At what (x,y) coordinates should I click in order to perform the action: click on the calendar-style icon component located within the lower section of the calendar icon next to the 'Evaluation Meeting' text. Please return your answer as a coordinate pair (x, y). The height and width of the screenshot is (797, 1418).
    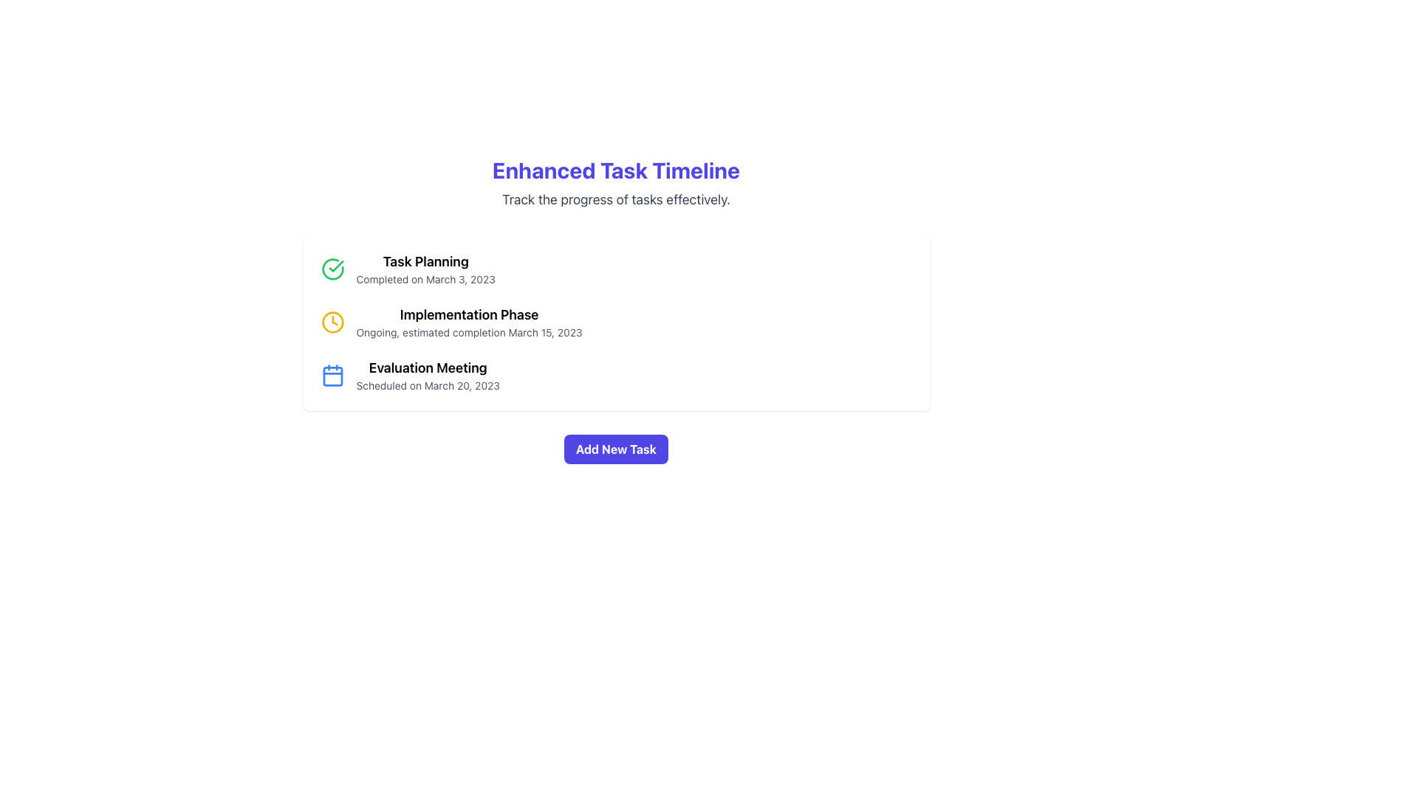
    Looking at the image, I should click on (332, 376).